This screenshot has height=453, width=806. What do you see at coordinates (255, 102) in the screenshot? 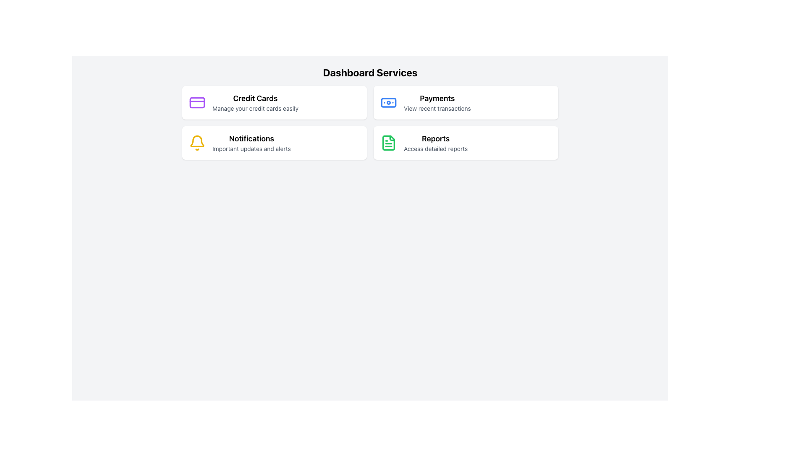
I see `text label containing 'Credit Cards' and 'Manage your credit cards easily' that is positioned below the credit card icon in the top-left quadrant of the interface` at bounding box center [255, 102].